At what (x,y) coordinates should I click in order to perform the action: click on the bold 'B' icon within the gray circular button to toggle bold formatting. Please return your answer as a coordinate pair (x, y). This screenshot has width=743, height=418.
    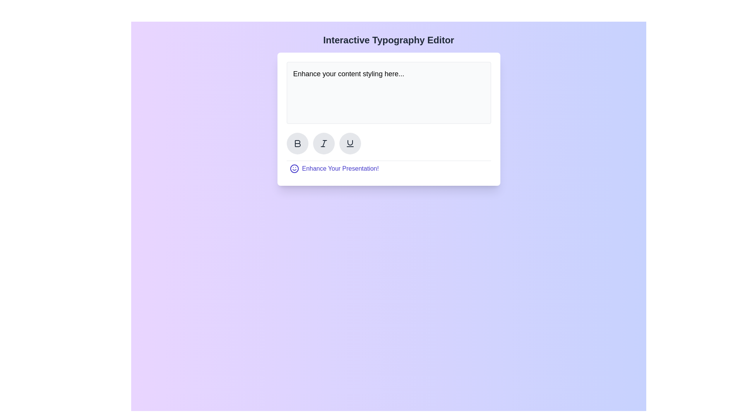
    Looking at the image, I should click on (297, 143).